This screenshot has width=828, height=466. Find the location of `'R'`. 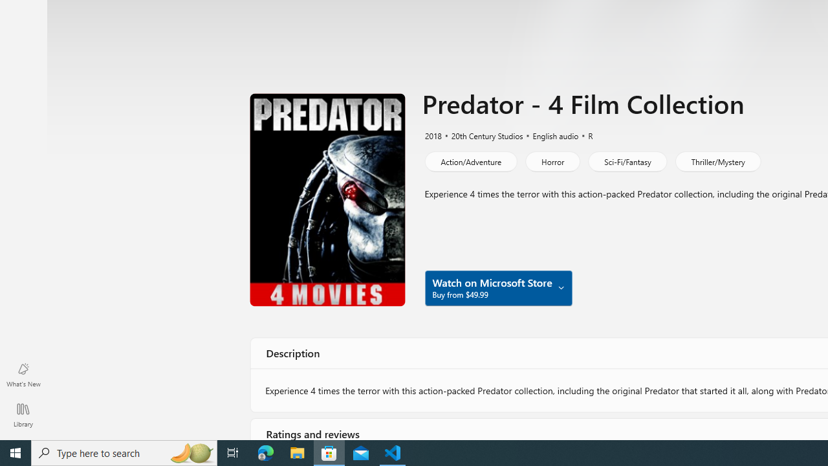

'R' is located at coordinates (584, 135).